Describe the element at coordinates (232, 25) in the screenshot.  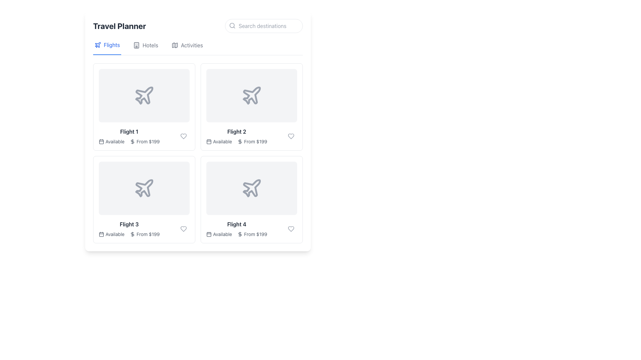
I see `the search icon located on the left side of the search bar, which indicates the search functionality and is positioned before the text input field with the placeholder 'Search destinations.'` at that location.